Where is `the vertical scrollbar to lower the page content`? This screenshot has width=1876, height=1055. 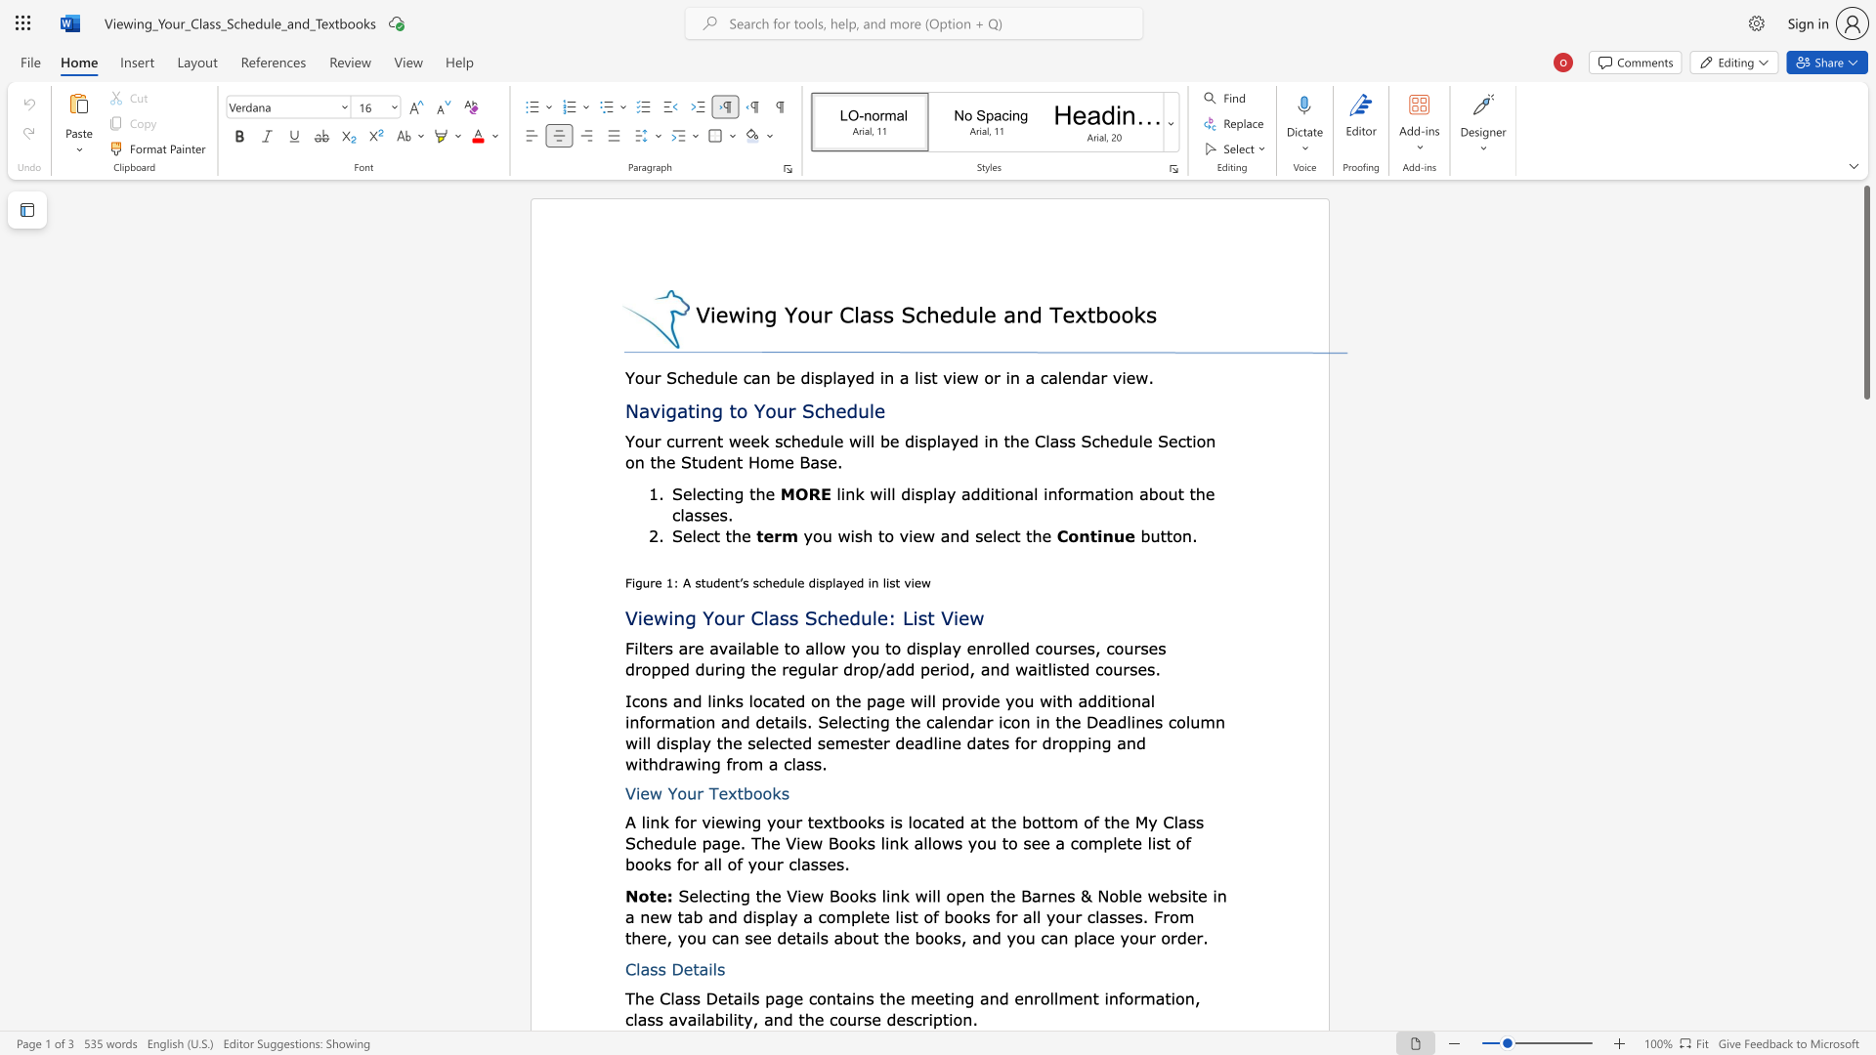
the vertical scrollbar to lower the page content is located at coordinates (1865, 967).